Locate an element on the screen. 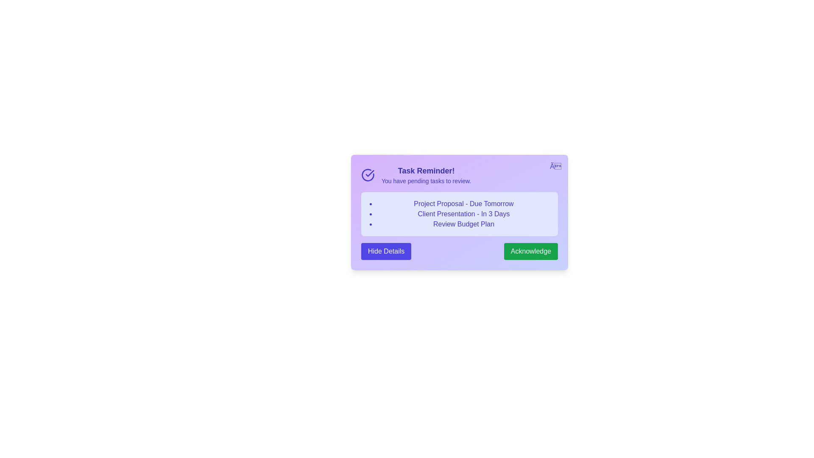  the close button to dismiss the alert is located at coordinates (555, 167).